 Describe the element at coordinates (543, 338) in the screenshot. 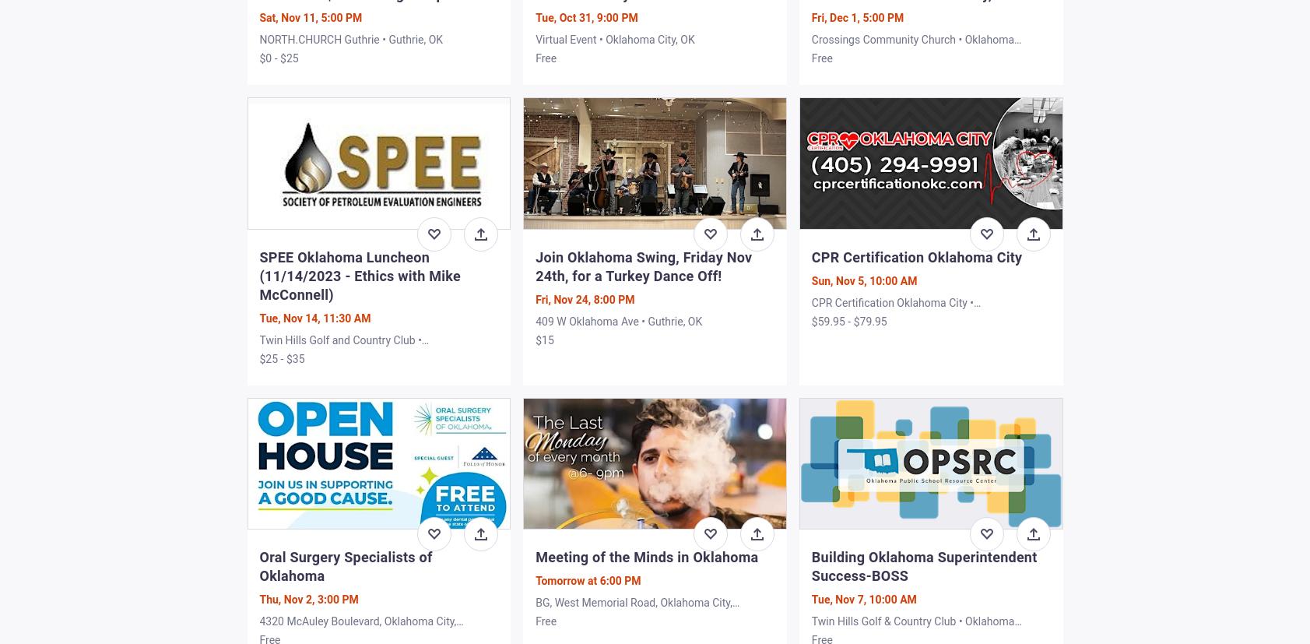

I see `'$15'` at that location.